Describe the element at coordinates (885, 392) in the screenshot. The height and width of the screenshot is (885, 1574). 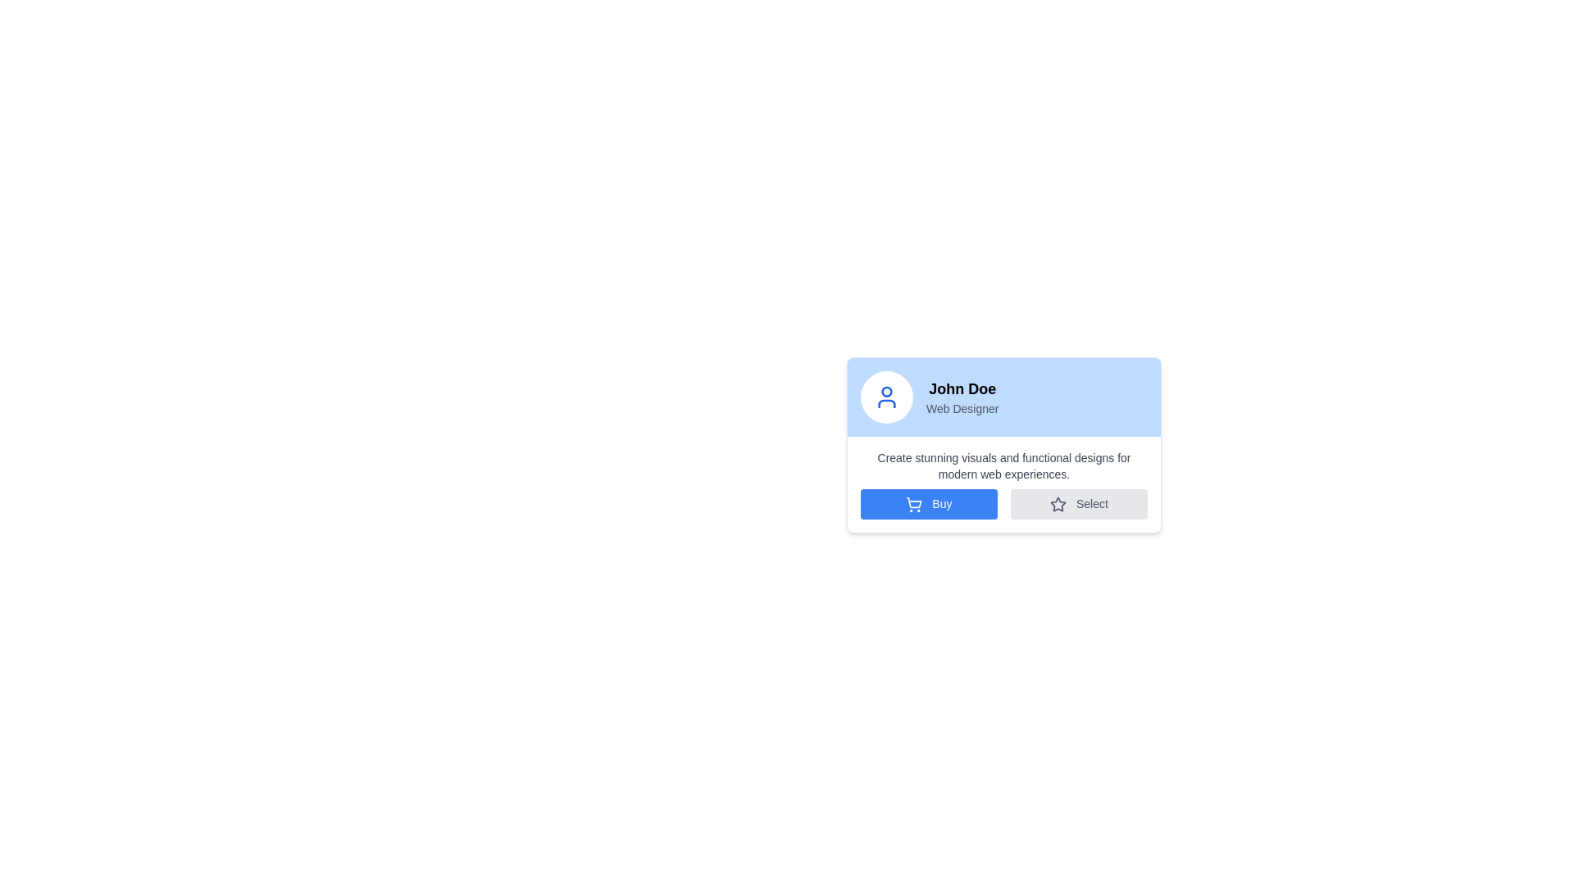
I see `the small circular decorative graphical element located at the upper part of the user profile SVG icon` at that location.